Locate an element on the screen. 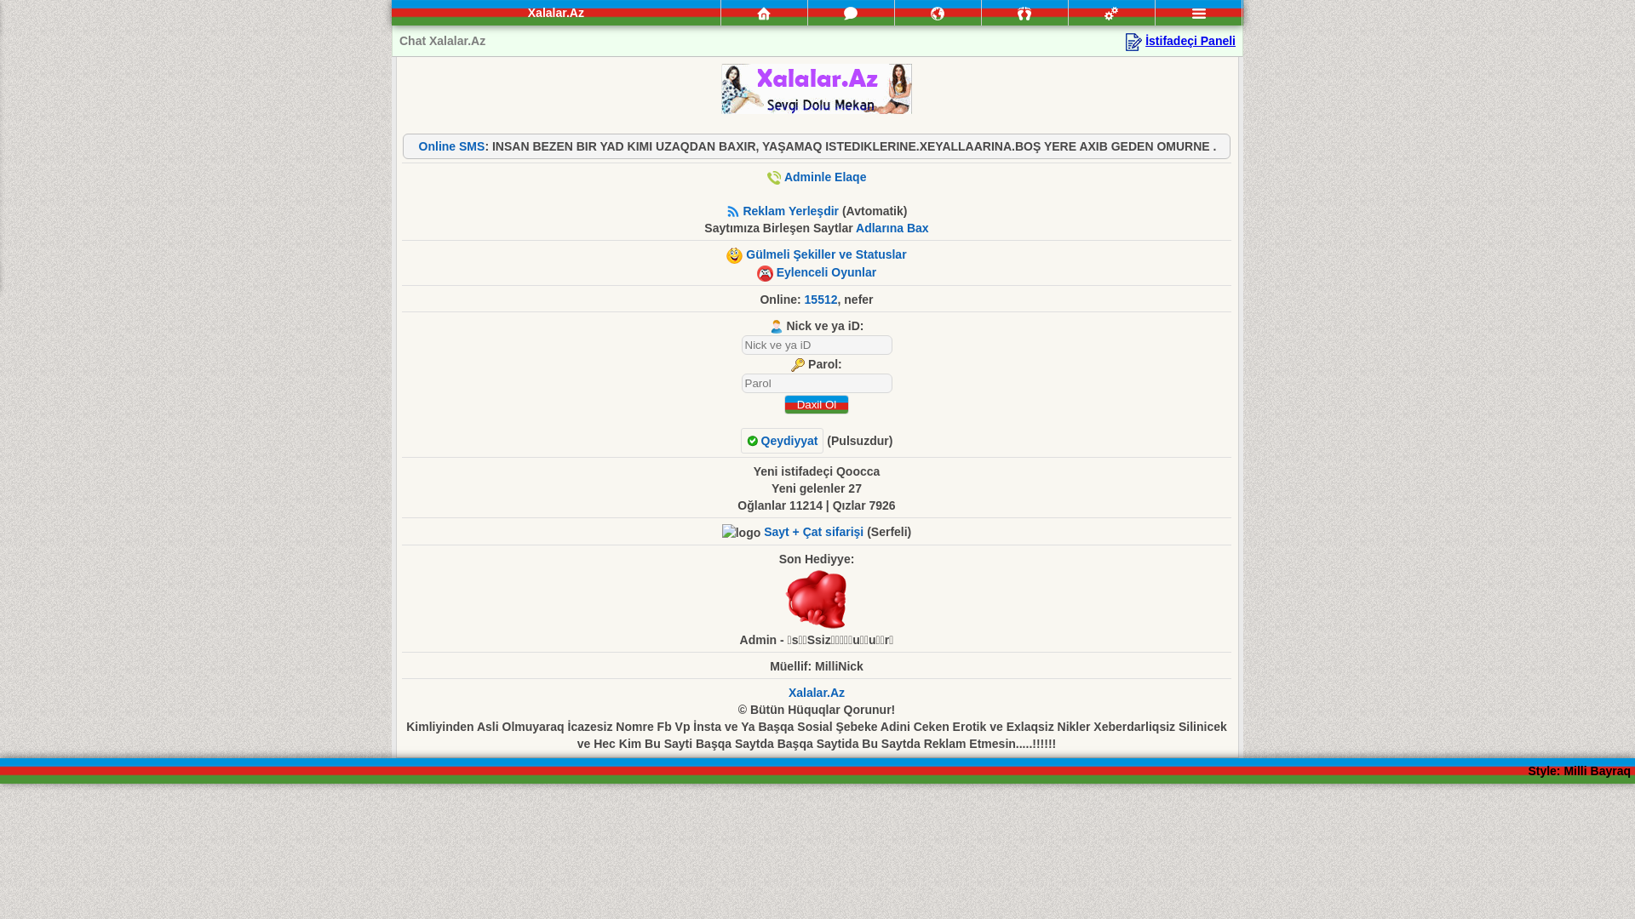 The image size is (1635, 919). 'Style: Milli Bayraq' is located at coordinates (1578, 771).